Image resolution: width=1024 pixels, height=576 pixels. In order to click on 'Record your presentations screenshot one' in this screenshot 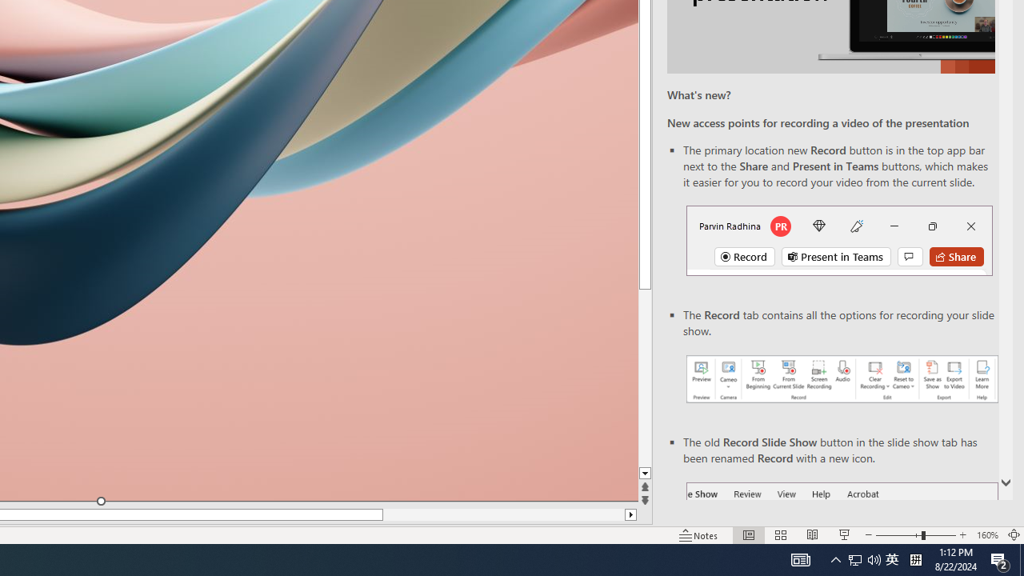, I will do `click(841, 379)`.